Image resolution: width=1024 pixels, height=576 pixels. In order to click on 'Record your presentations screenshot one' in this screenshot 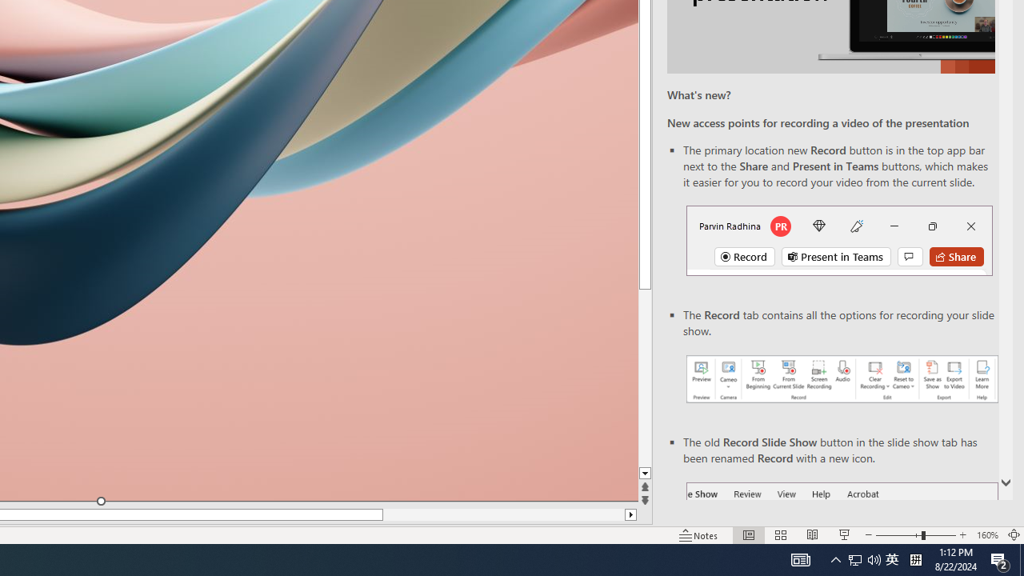, I will do `click(841, 379)`.